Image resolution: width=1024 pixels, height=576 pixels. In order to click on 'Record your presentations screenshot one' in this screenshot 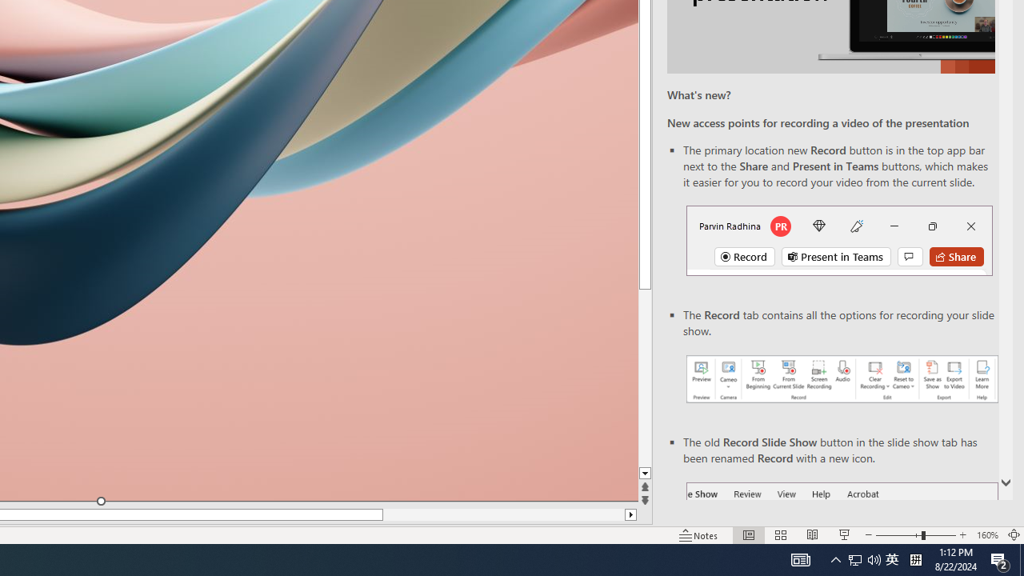, I will do `click(841, 379)`.